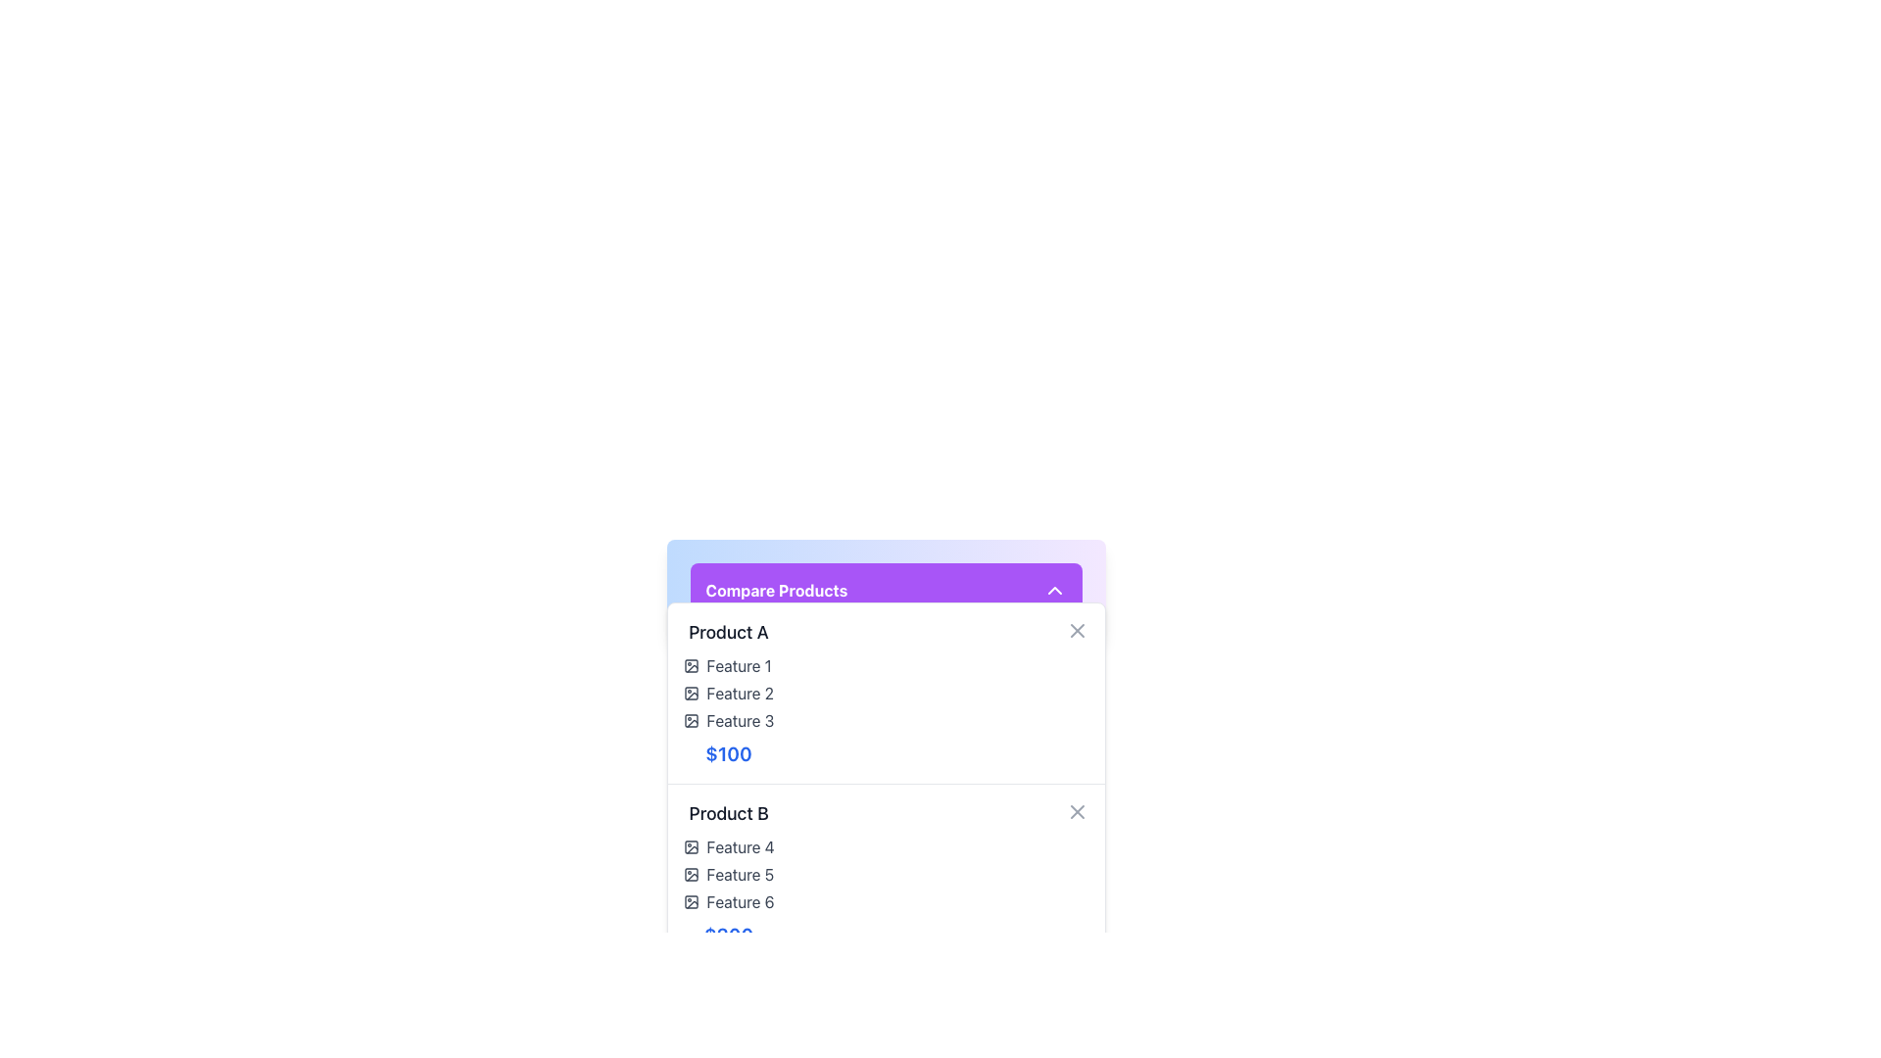 The height and width of the screenshot is (1058, 1881). Describe the element at coordinates (728, 753) in the screenshot. I see `the text label displaying the value '$100', which is bold and blue, positioned at the bottom of the card for 'Product A'` at that location.